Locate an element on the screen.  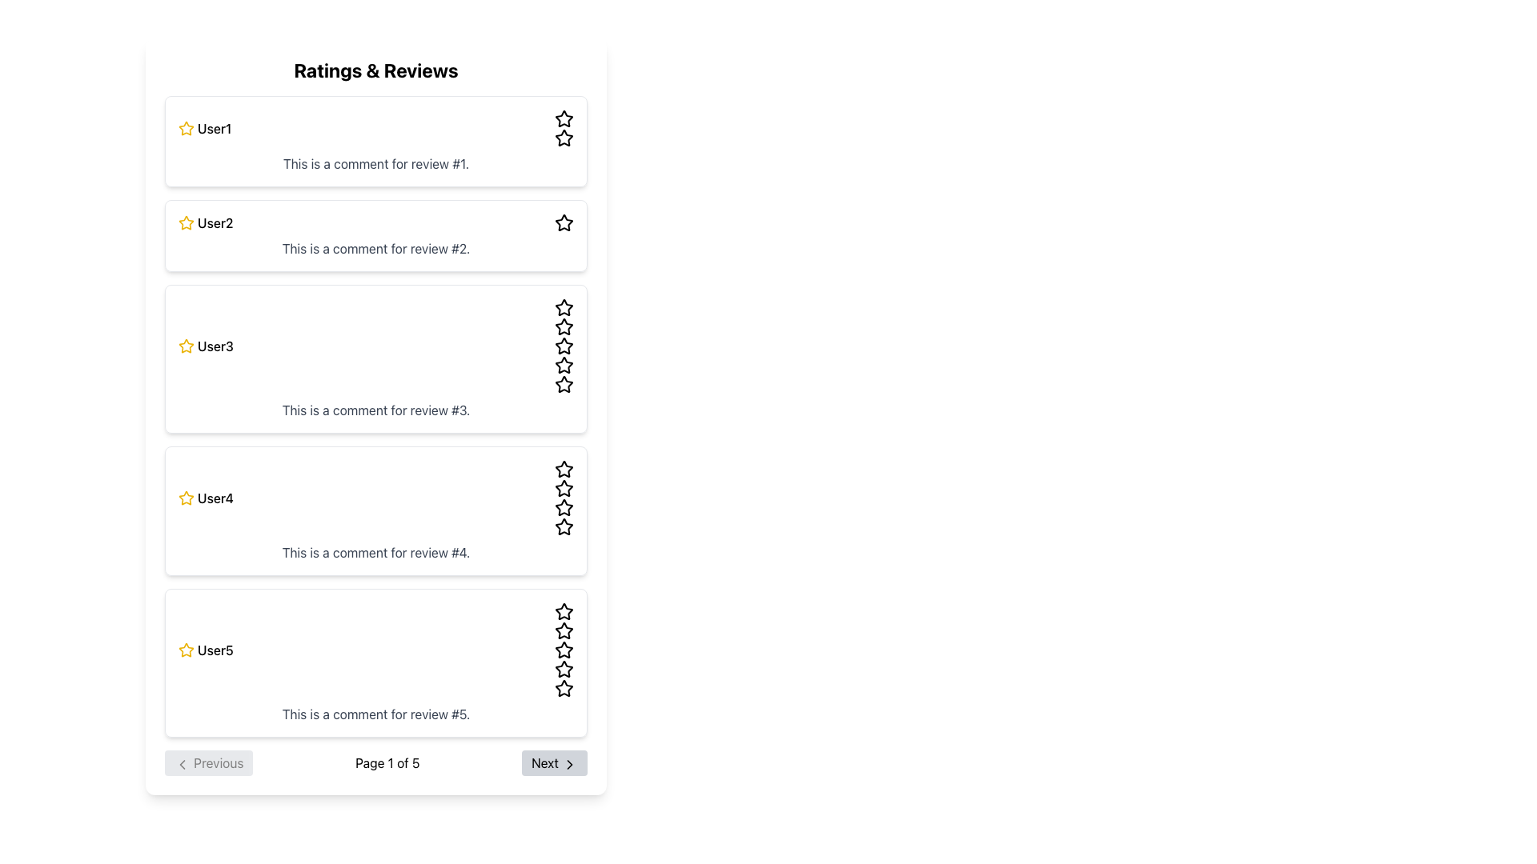
information displayed in the Text label that indicates the current page number and total number of pages, located centrally between the 'Previous' and 'Next' buttons in the navigation section at the bottom of the page is located at coordinates (387, 762).